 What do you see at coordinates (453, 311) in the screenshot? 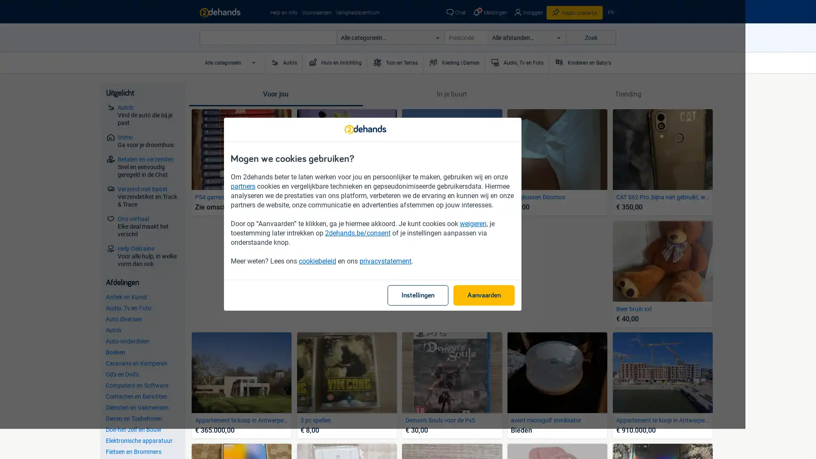
I see `Instellingen` at bounding box center [453, 311].